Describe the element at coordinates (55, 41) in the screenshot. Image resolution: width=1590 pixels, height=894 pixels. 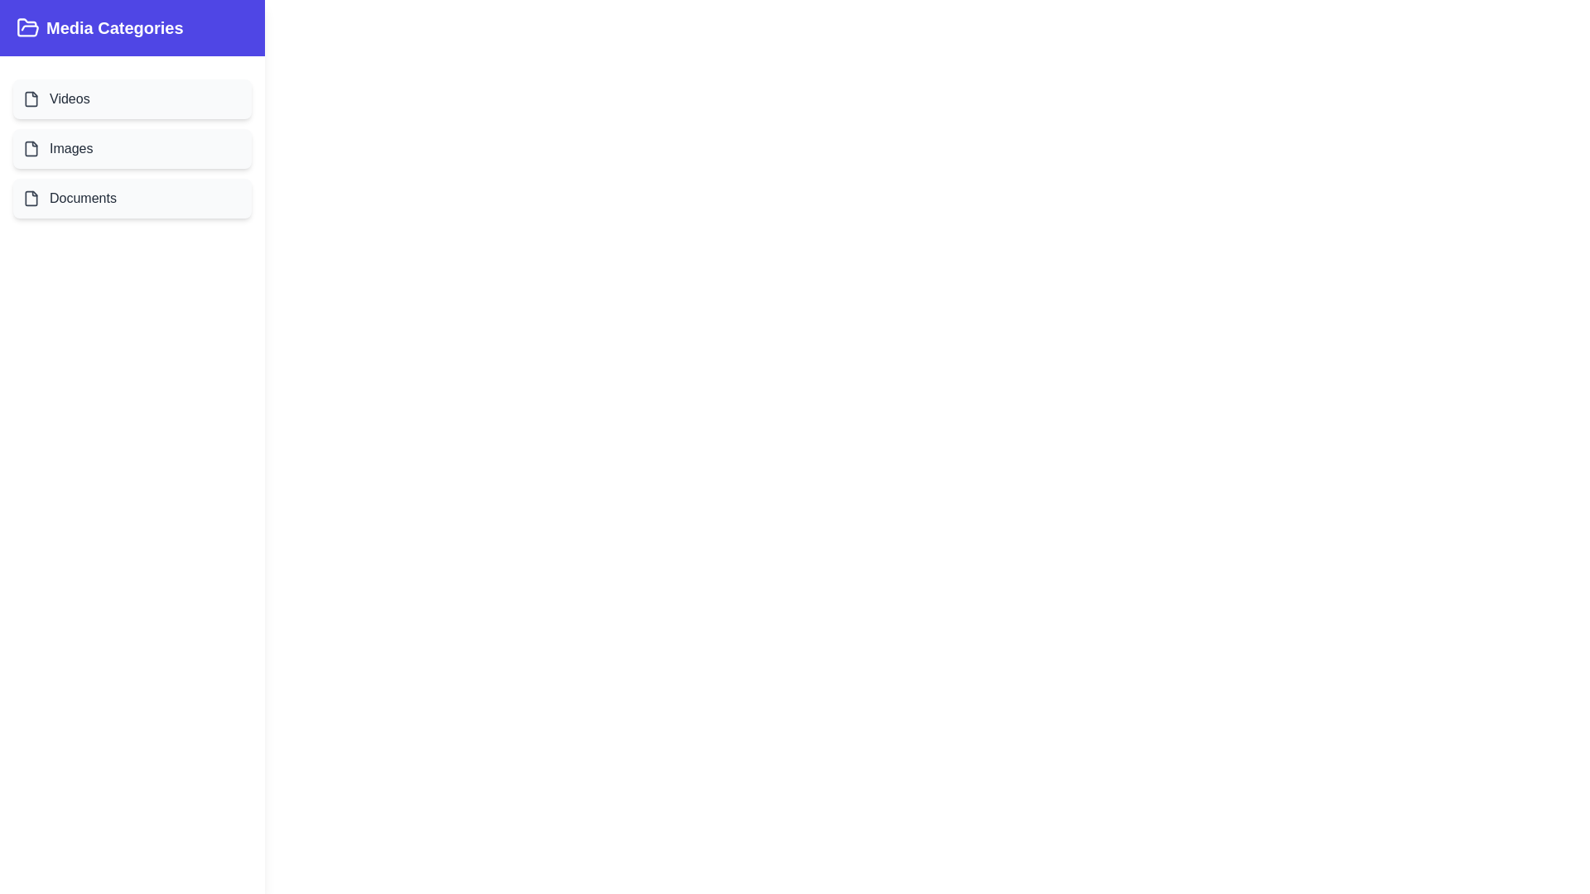
I see `toggle button to close the drawer` at that location.